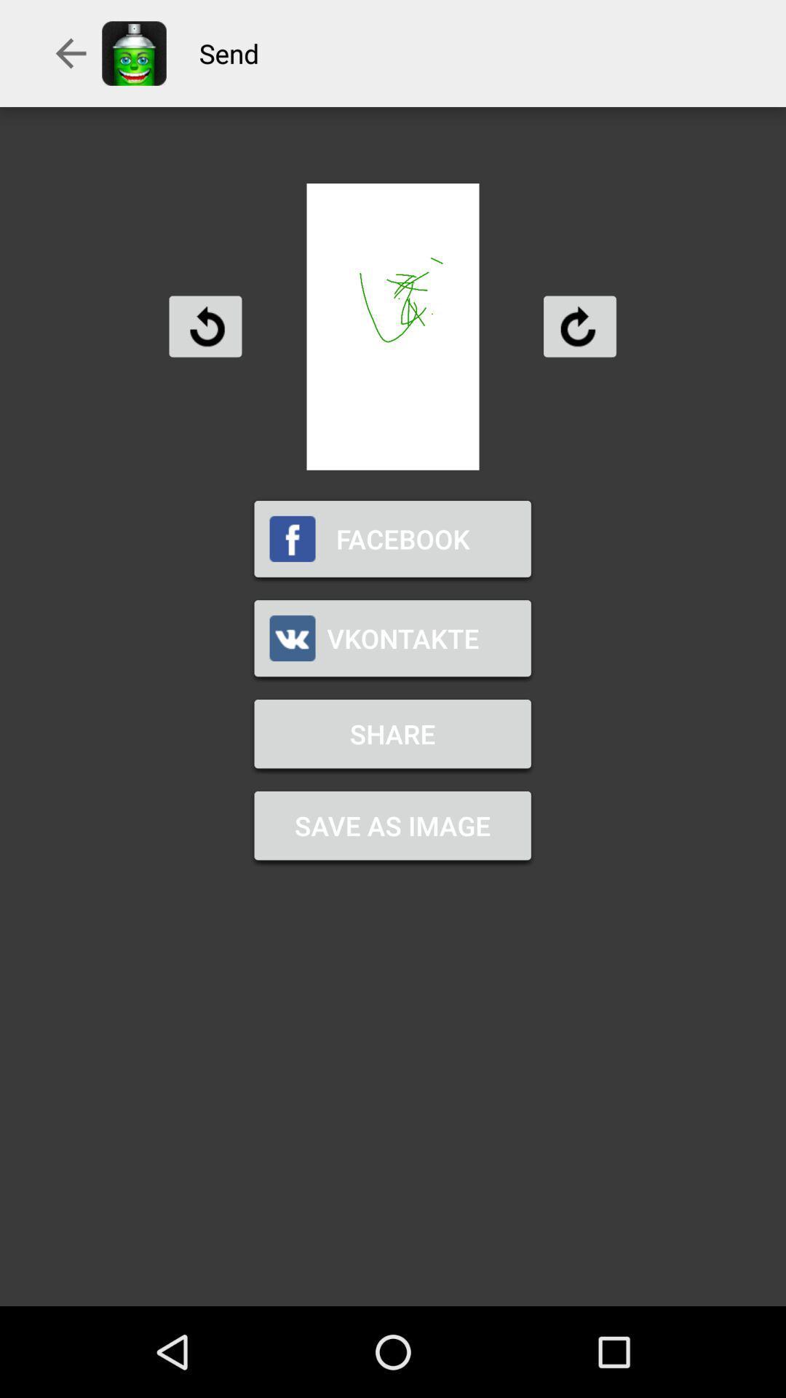 The image size is (786, 1398). What do you see at coordinates (205, 325) in the screenshot?
I see `undo previous action` at bounding box center [205, 325].